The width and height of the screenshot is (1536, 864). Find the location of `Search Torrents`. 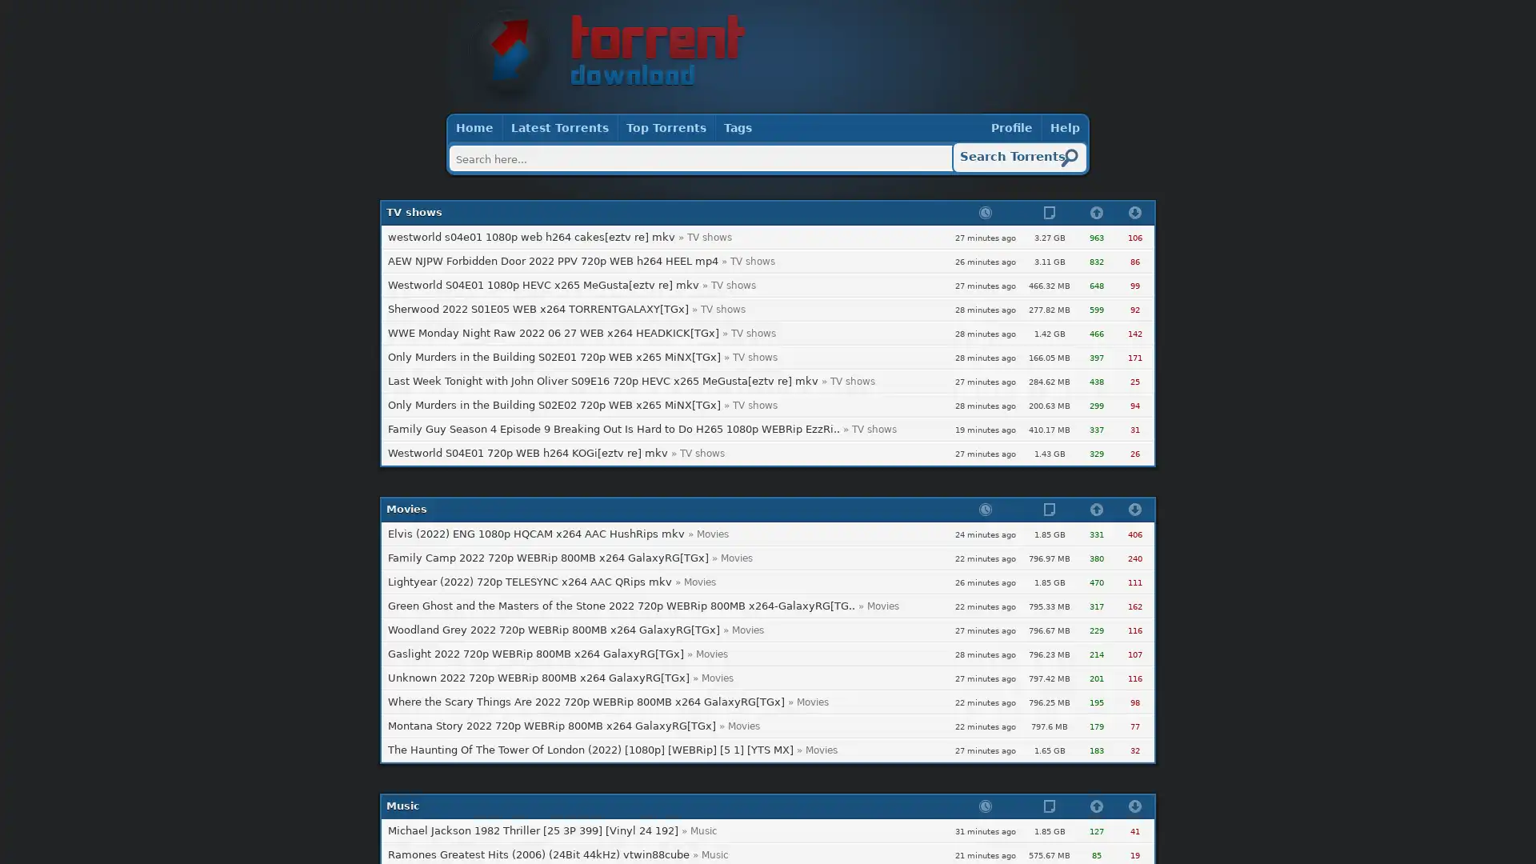

Search Torrents is located at coordinates (1019, 157).